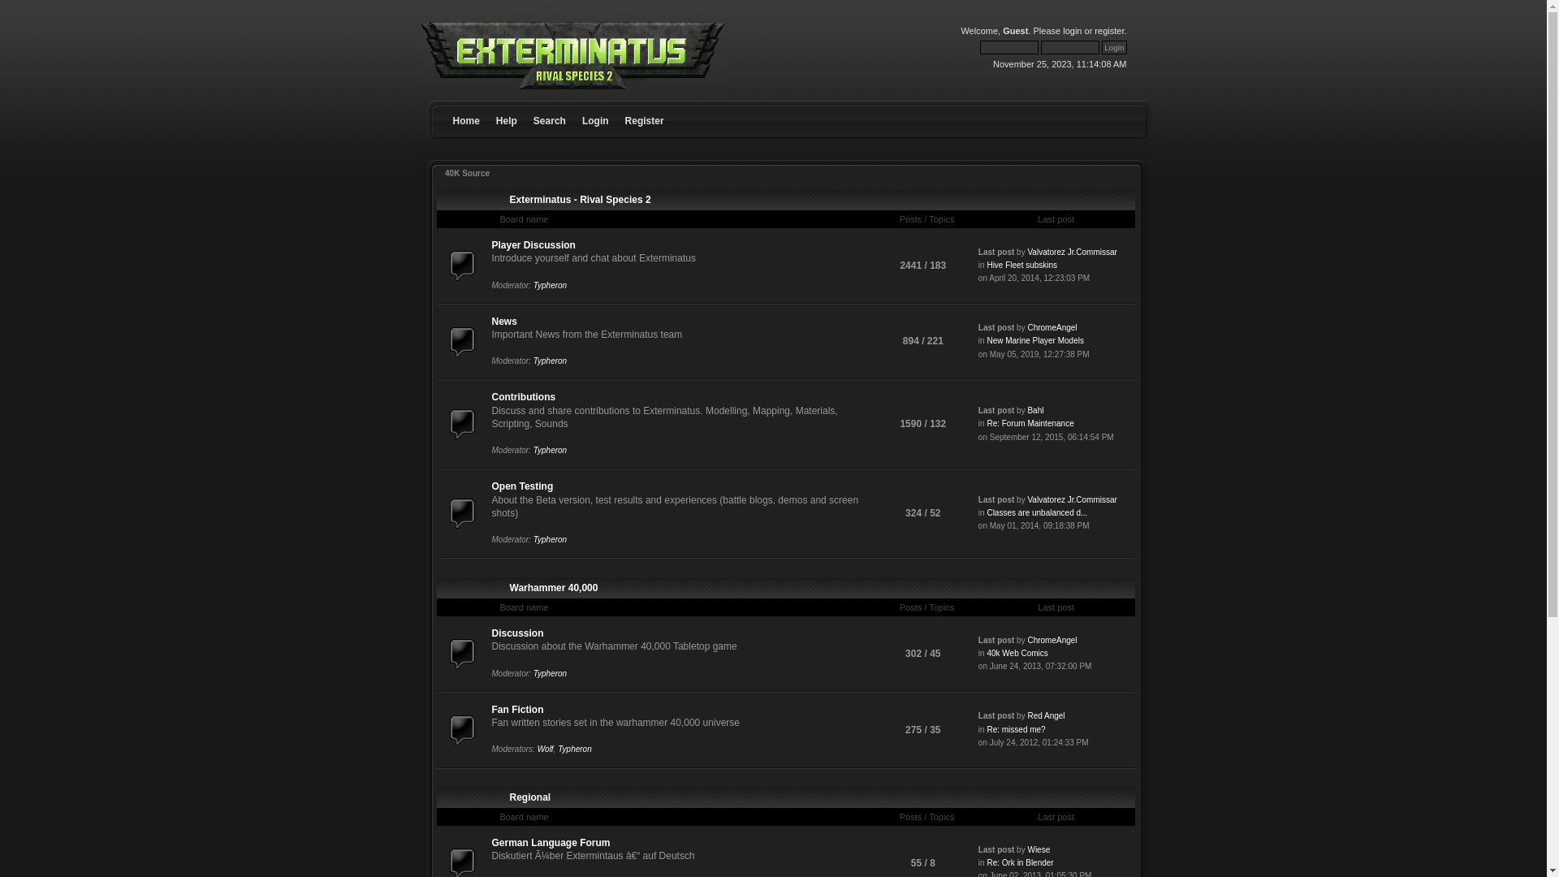 The image size is (1559, 877). Describe the element at coordinates (490, 632) in the screenshot. I see `'Discussion'` at that location.